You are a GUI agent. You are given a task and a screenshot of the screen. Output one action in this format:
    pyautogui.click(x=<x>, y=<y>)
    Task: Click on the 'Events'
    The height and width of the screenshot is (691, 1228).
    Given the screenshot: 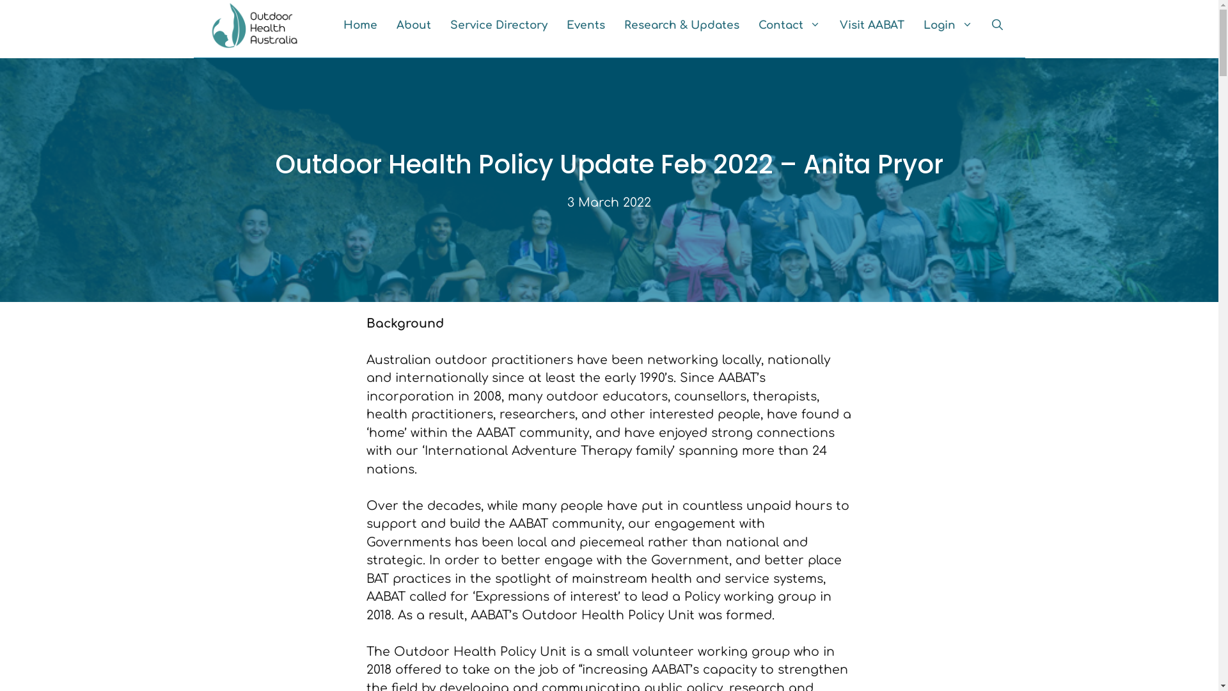 What is the action you would take?
    pyautogui.click(x=556, y=25)
    